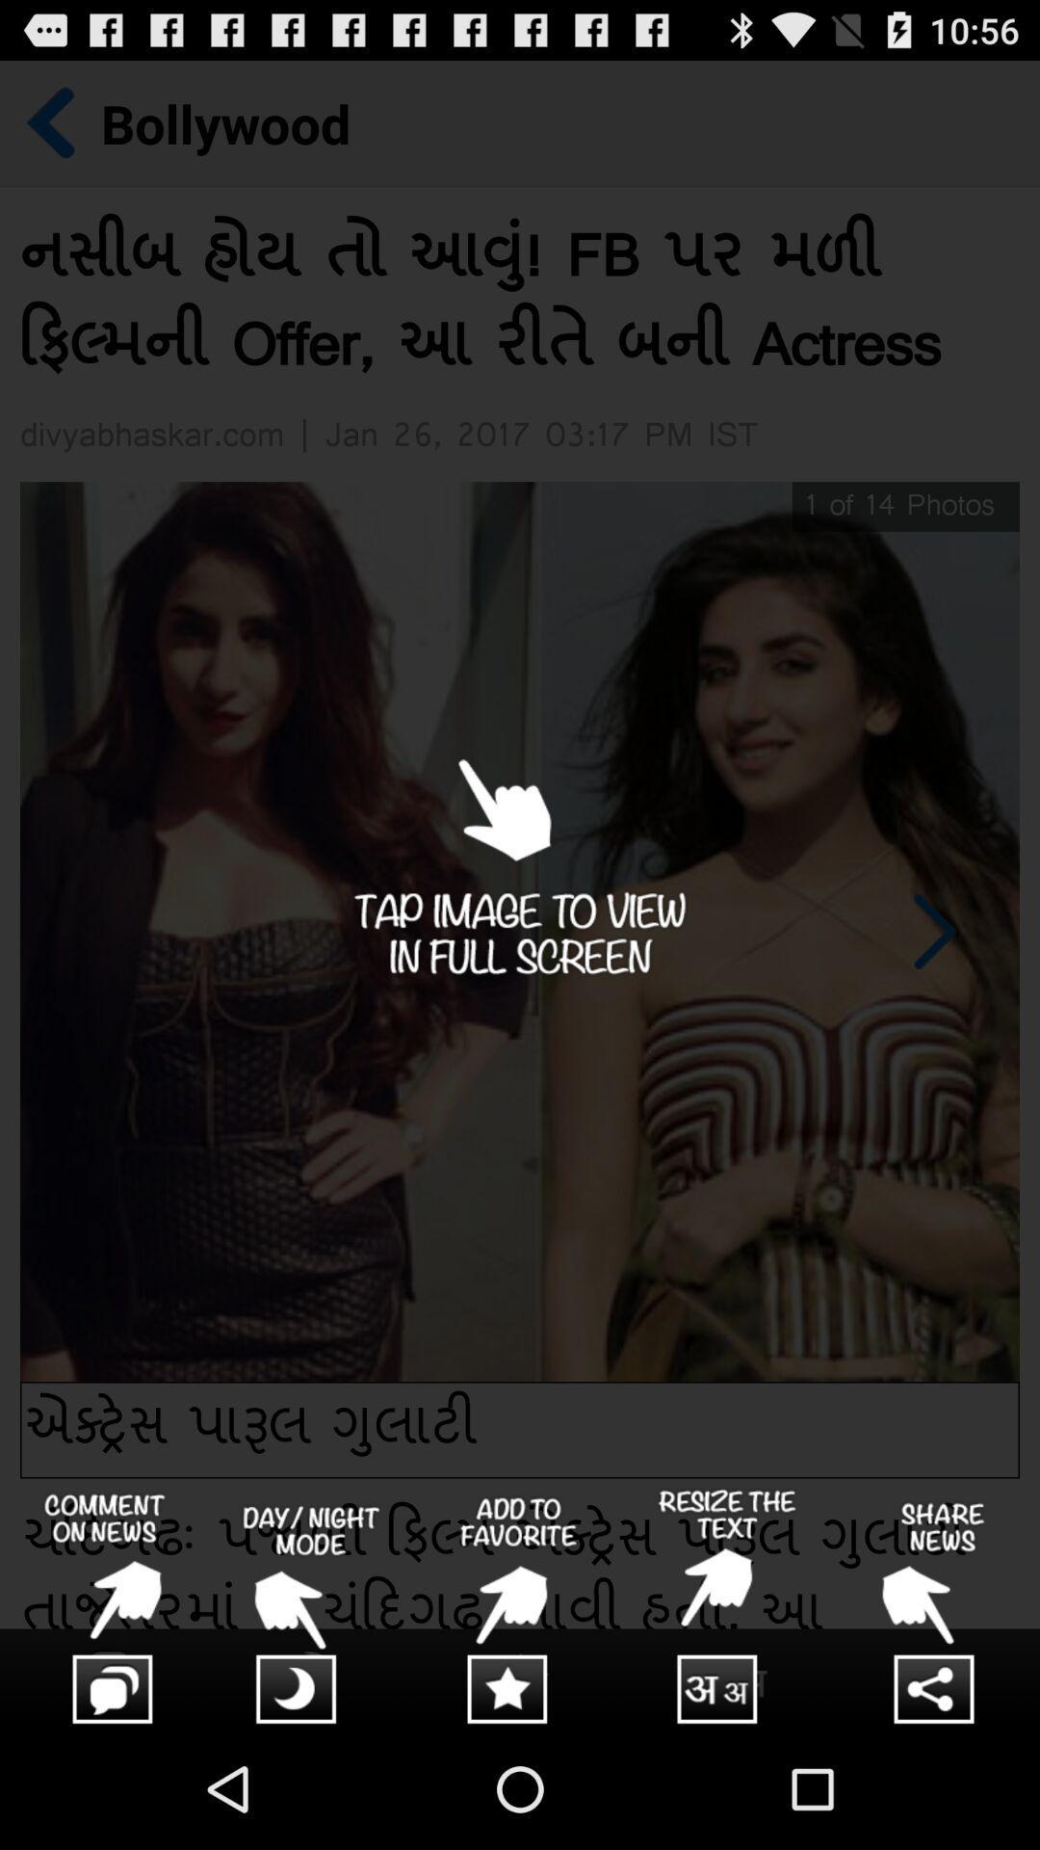 The image size is (1040, 1850). Describe the element at coordinates (520, 893) in the screenshot. I see `tap image box` at that location.